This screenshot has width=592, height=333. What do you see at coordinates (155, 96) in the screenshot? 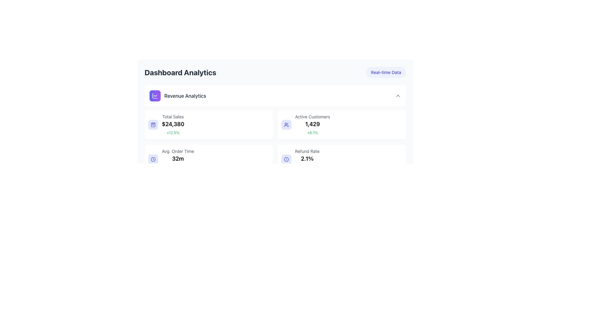
I see `the SVG-based line chart icon with a white stroke, located within a gradient-colored rectangular button beneath the 'Dashboard Analytics' heading` at bounding box center [155, 96].